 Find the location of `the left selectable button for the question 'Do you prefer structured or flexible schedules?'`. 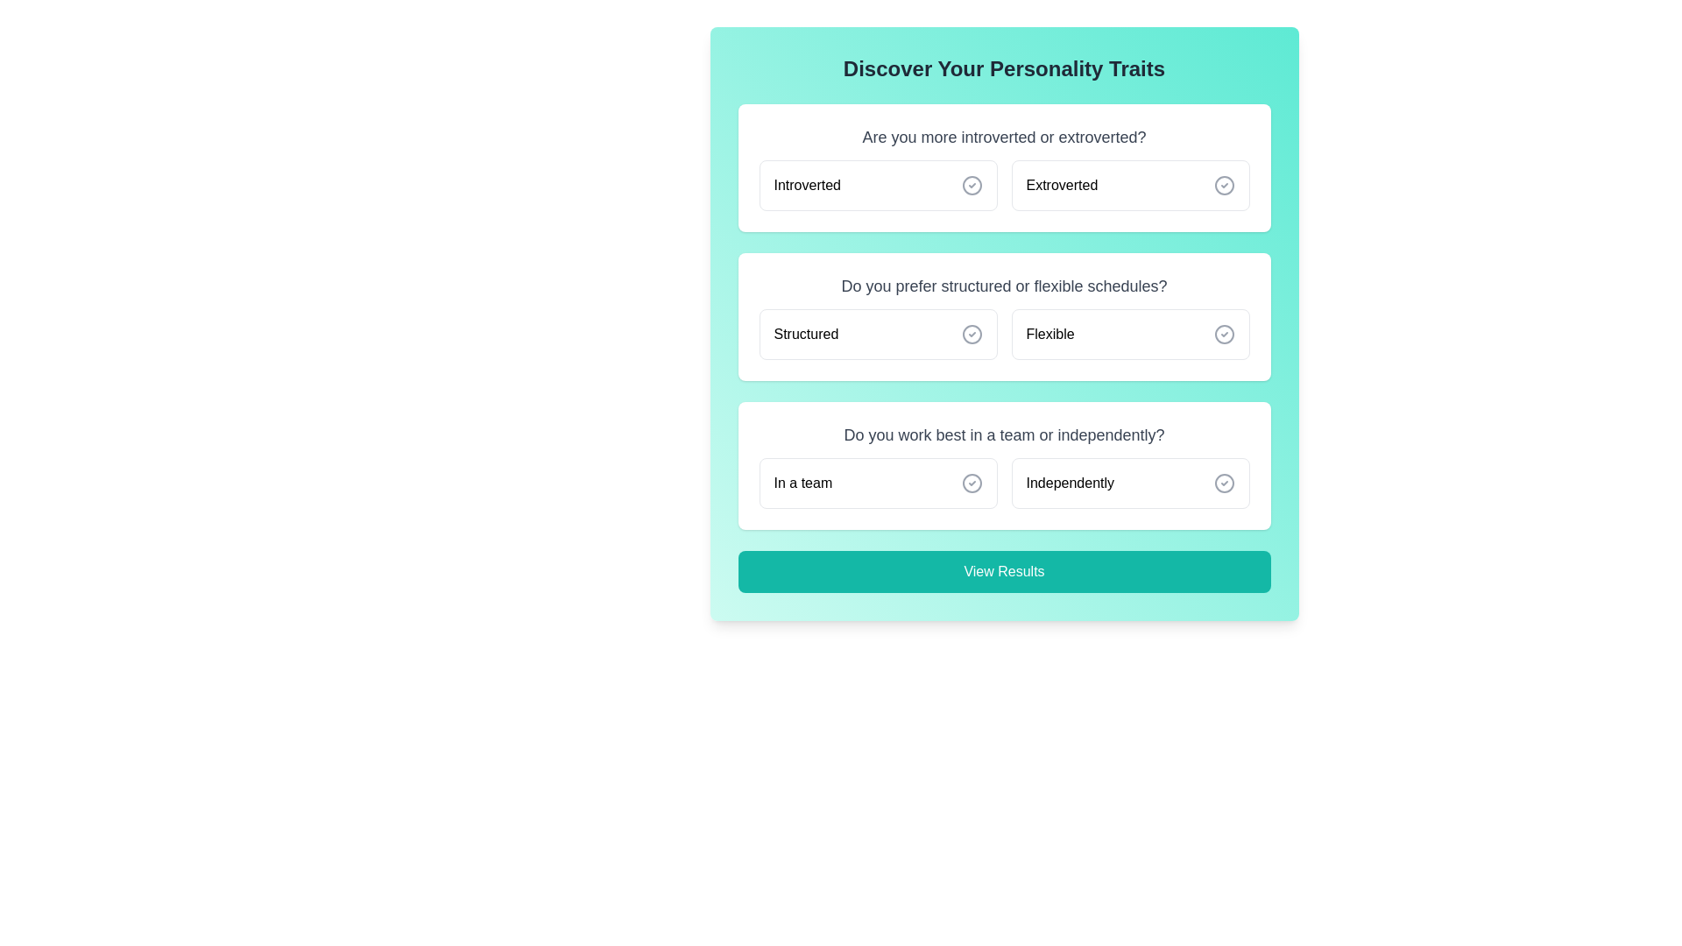

the left selectable button for the question 'Do you prefer structured or flexible schedules?' is located at coordinates (878, 334).